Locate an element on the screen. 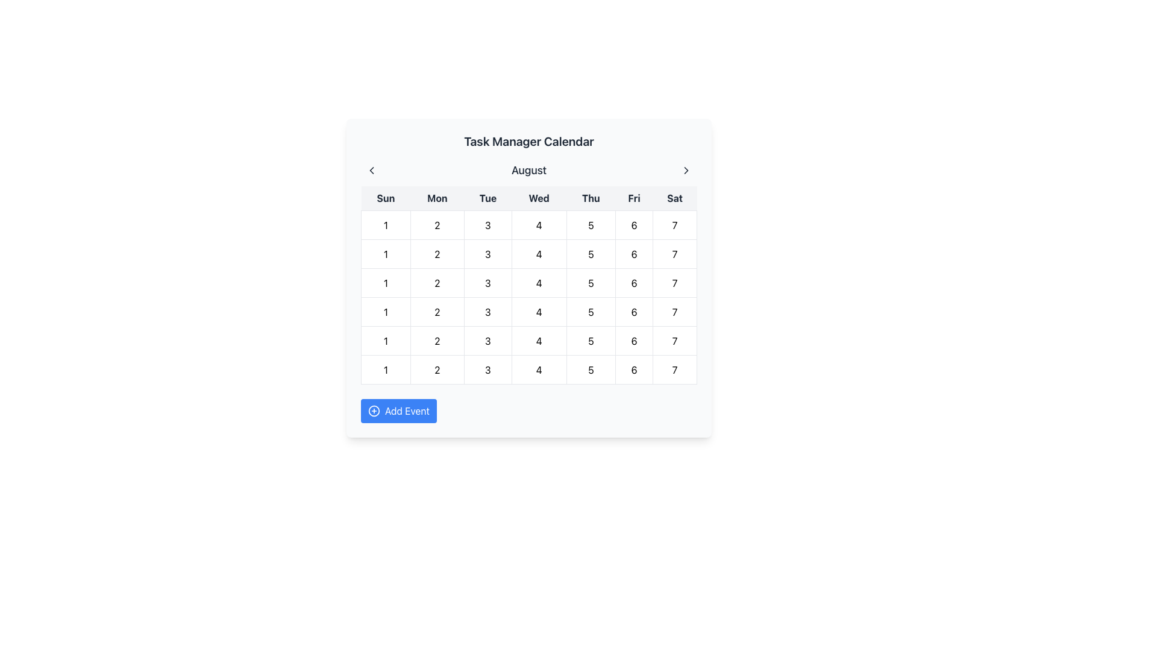 The image size is (1157, 651). the calendar cell representing the day '5' under the header 'Thu' is located at coordinates (591, 283).